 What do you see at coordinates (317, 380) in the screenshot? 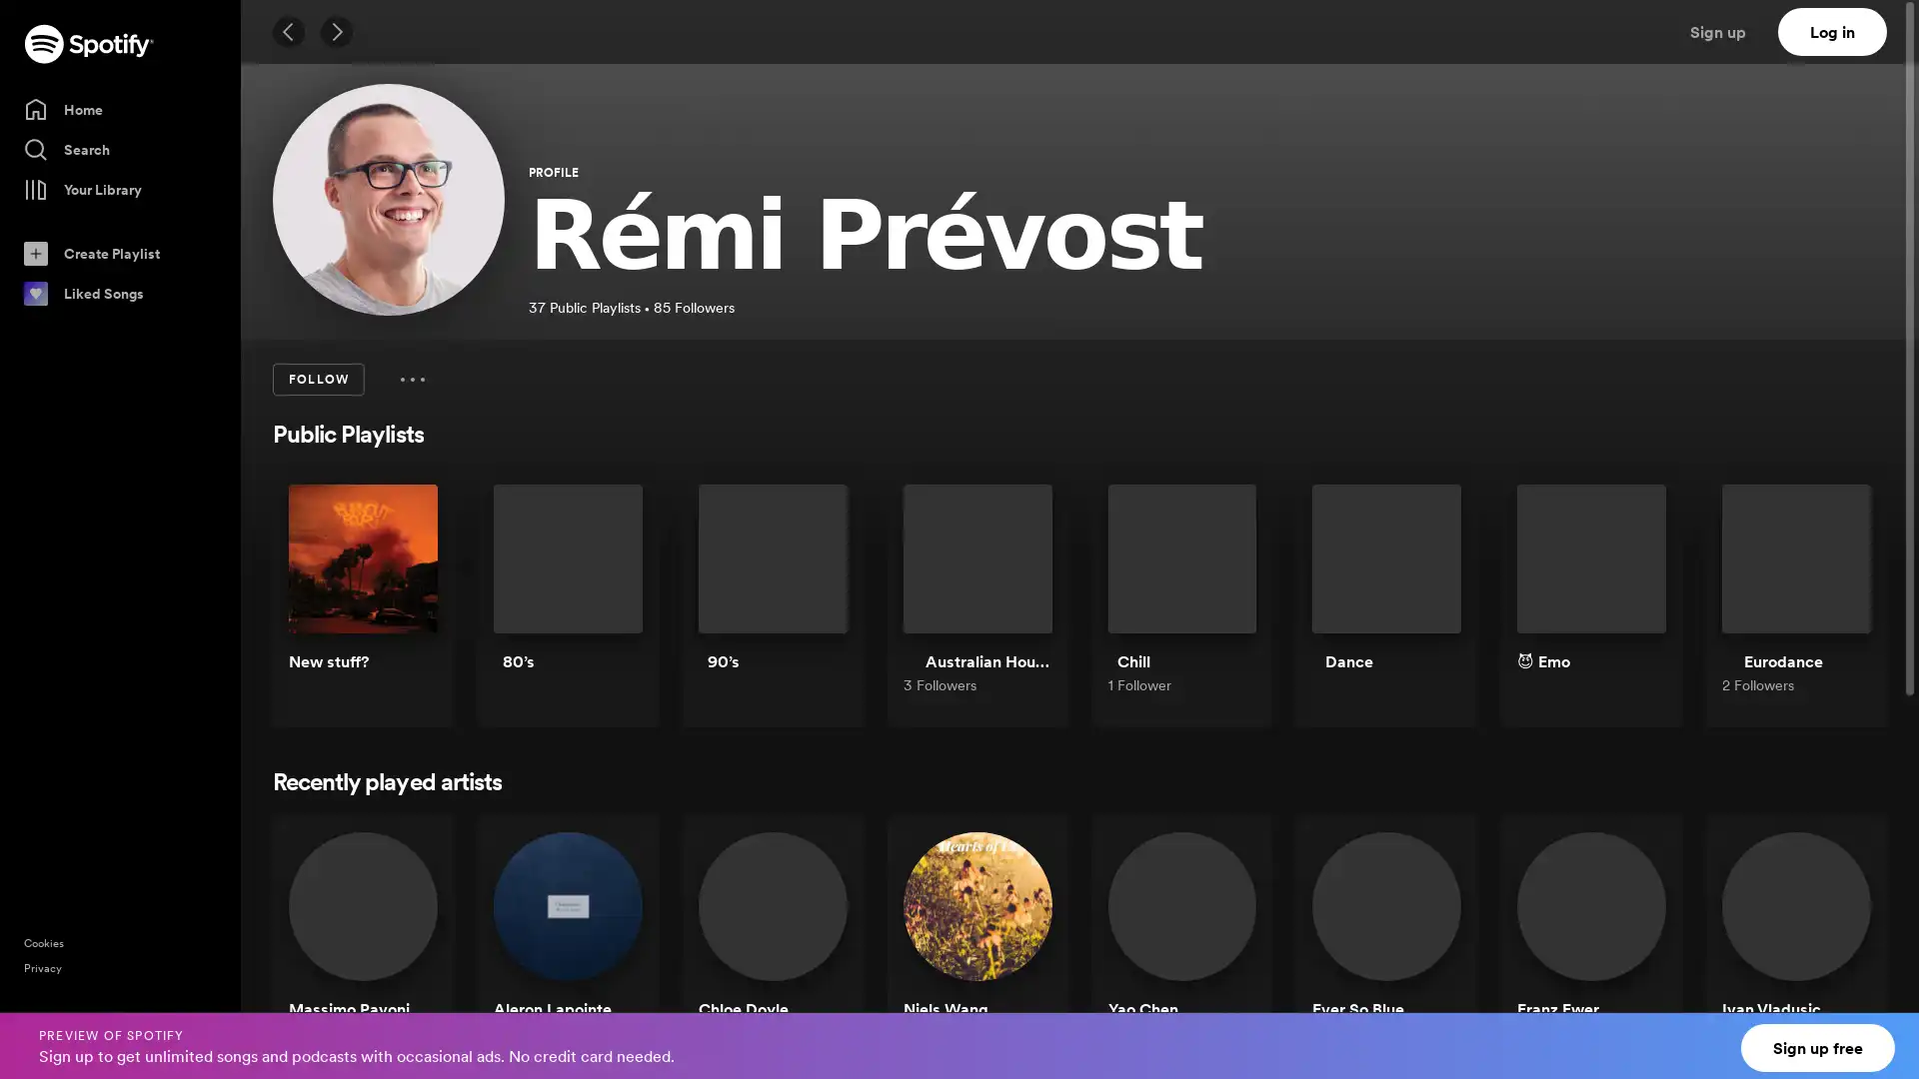
I see `FOLLOW` at bounding box center [317, 380].